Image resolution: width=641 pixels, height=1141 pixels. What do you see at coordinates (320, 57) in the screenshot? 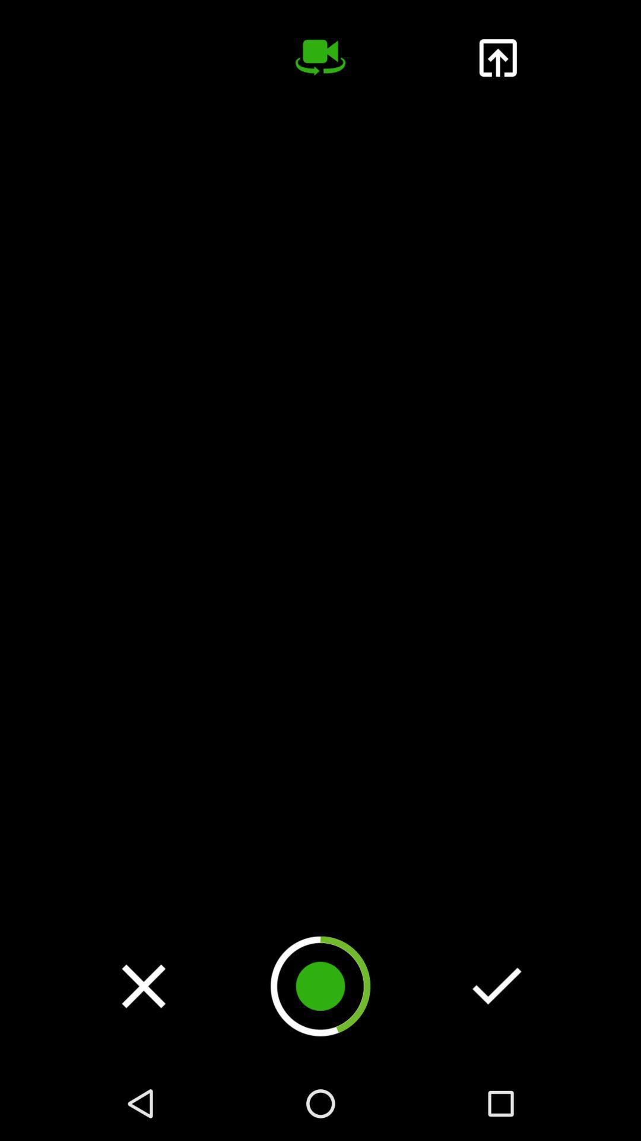
I see `record video` at bounding box center [320, 57].